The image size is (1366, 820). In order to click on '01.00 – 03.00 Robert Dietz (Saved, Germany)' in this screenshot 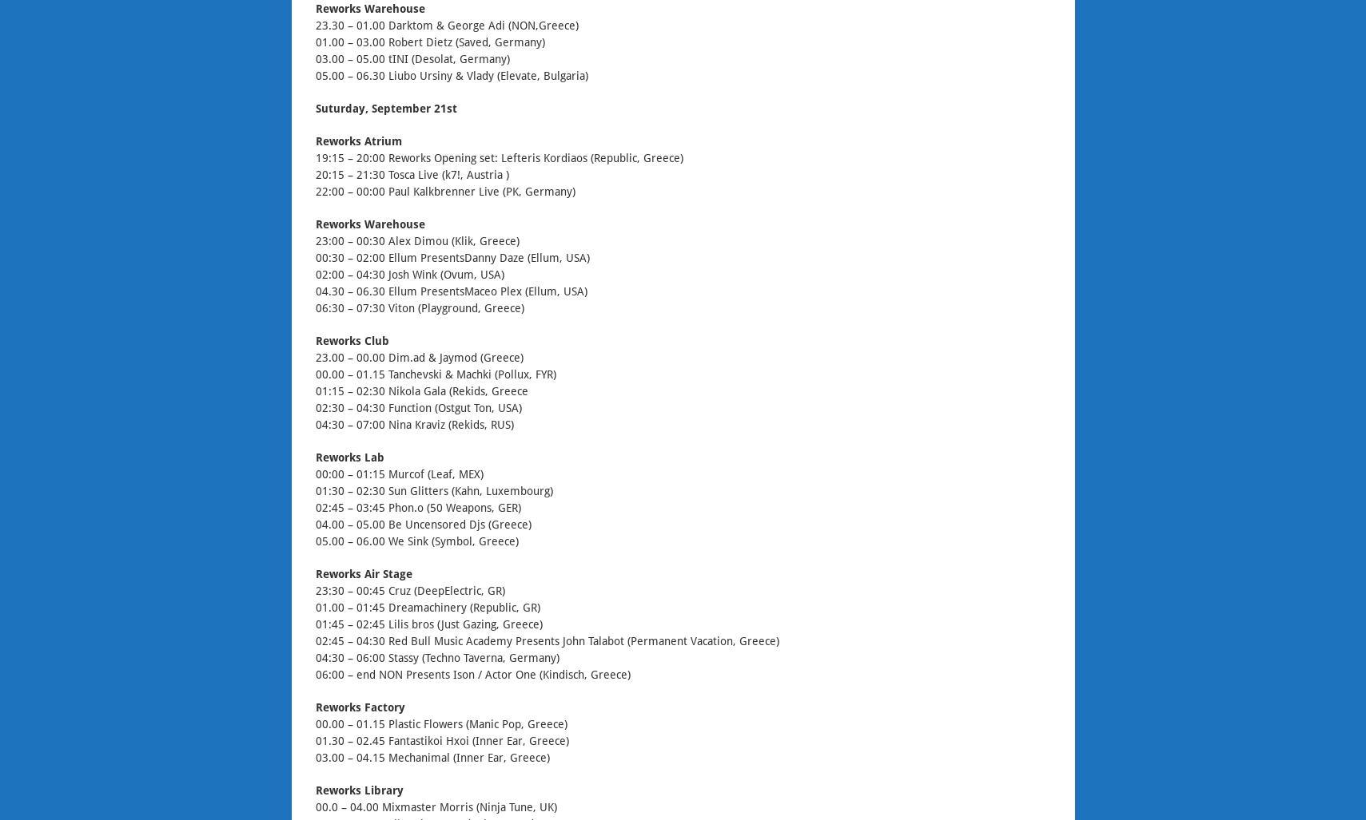, I will do `click(428, 41)`.